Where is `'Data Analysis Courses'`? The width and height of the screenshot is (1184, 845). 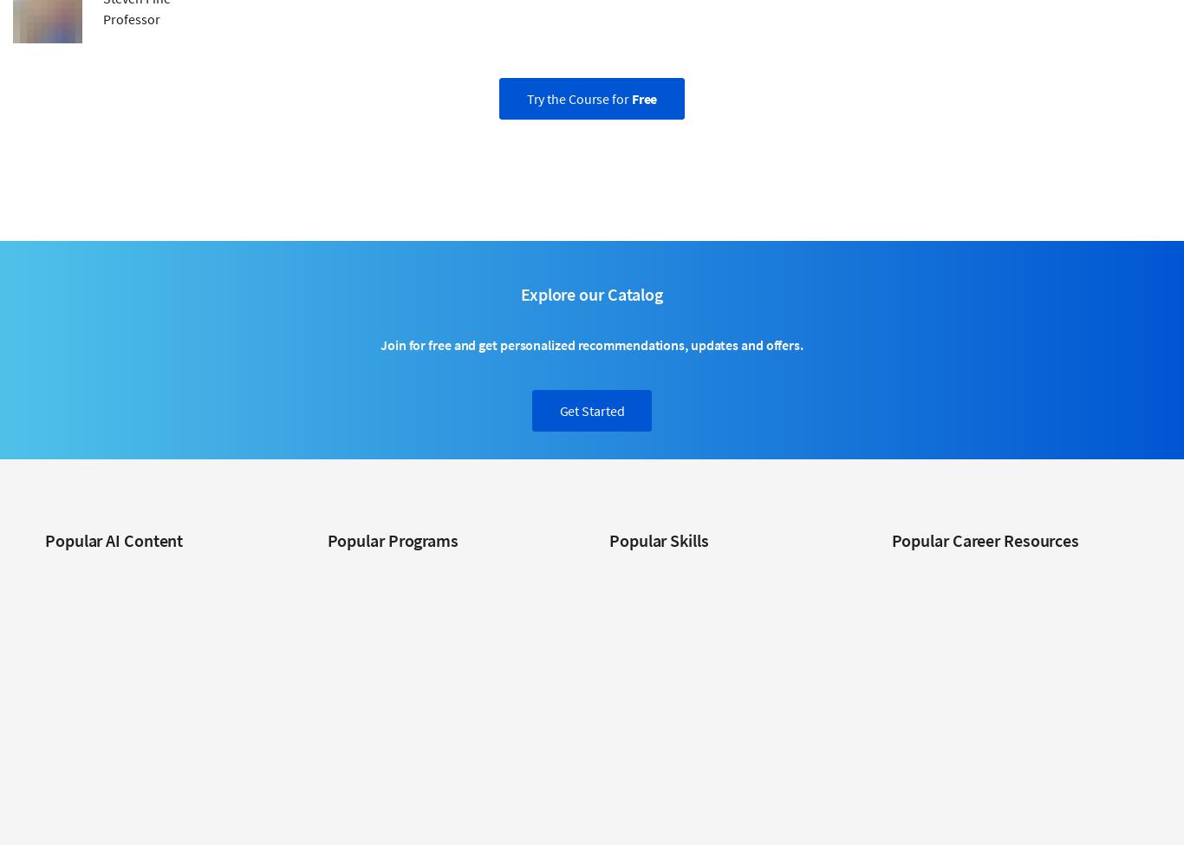 'Data Analysis Courses' is located at coordinates (666, 596).